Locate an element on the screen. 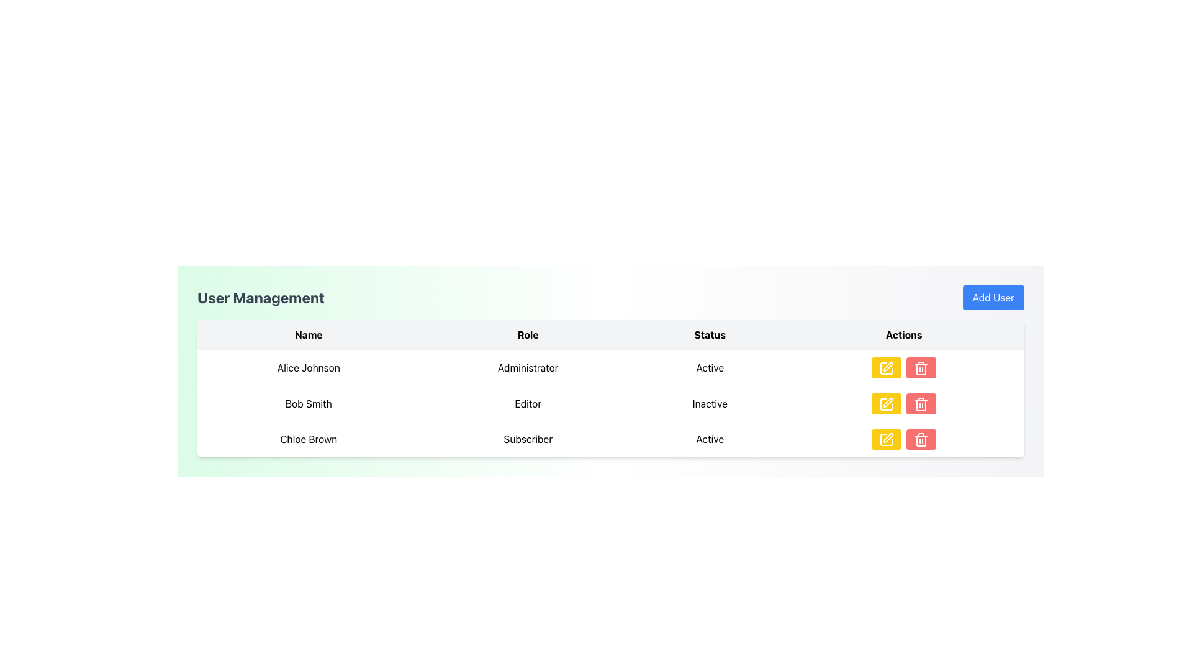  text content of the label displaying 'Bob Smith', which is the second item in the 'Name' column of the user management table is located at coordinates (309, 403).